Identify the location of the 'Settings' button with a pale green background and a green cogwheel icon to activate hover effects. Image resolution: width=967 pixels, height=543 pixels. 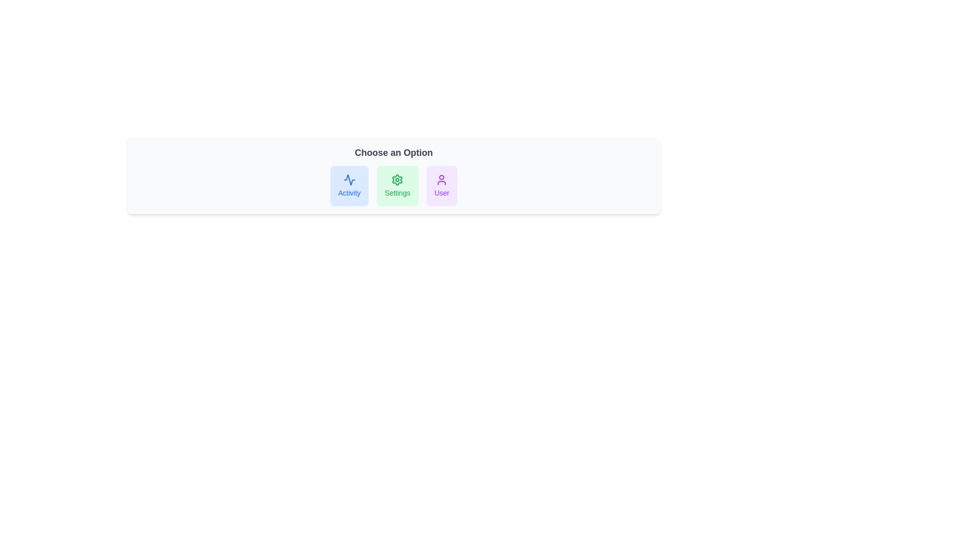
(397, 186).